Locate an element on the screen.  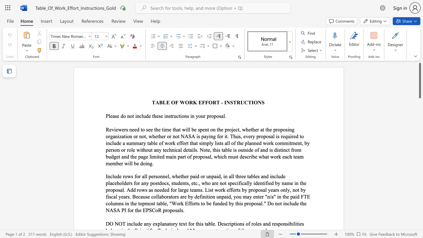
the scrollbar to scroll the page down is located at coordinates (419, 185).